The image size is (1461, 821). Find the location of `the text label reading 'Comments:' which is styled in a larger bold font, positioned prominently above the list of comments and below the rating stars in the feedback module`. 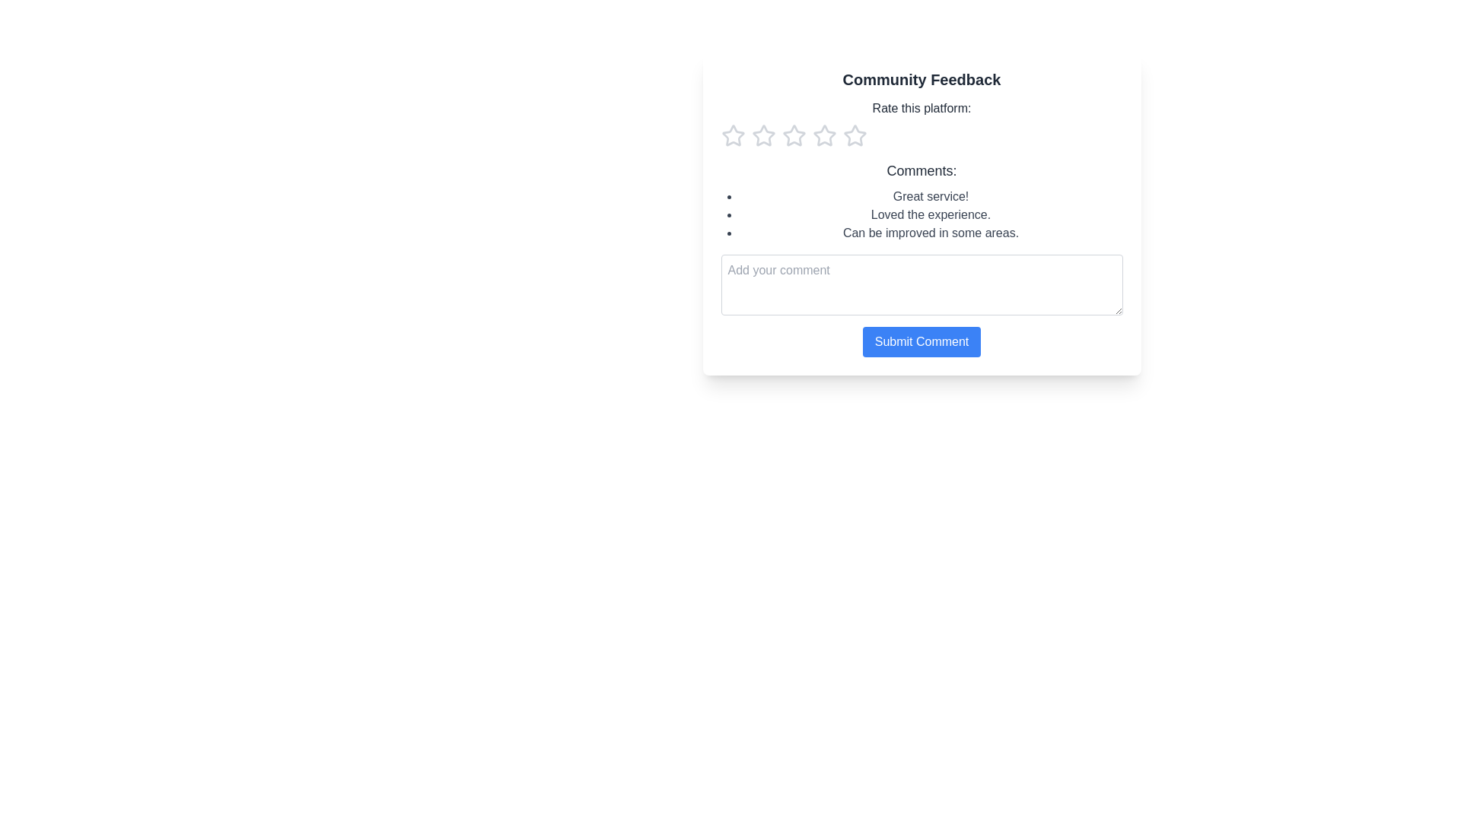

the text label reading 'Comments:' which is styled in a larger bold font, positioned prominently above the list of comments and below the rating stars in the feedback module is located at coordinates (921, 170).